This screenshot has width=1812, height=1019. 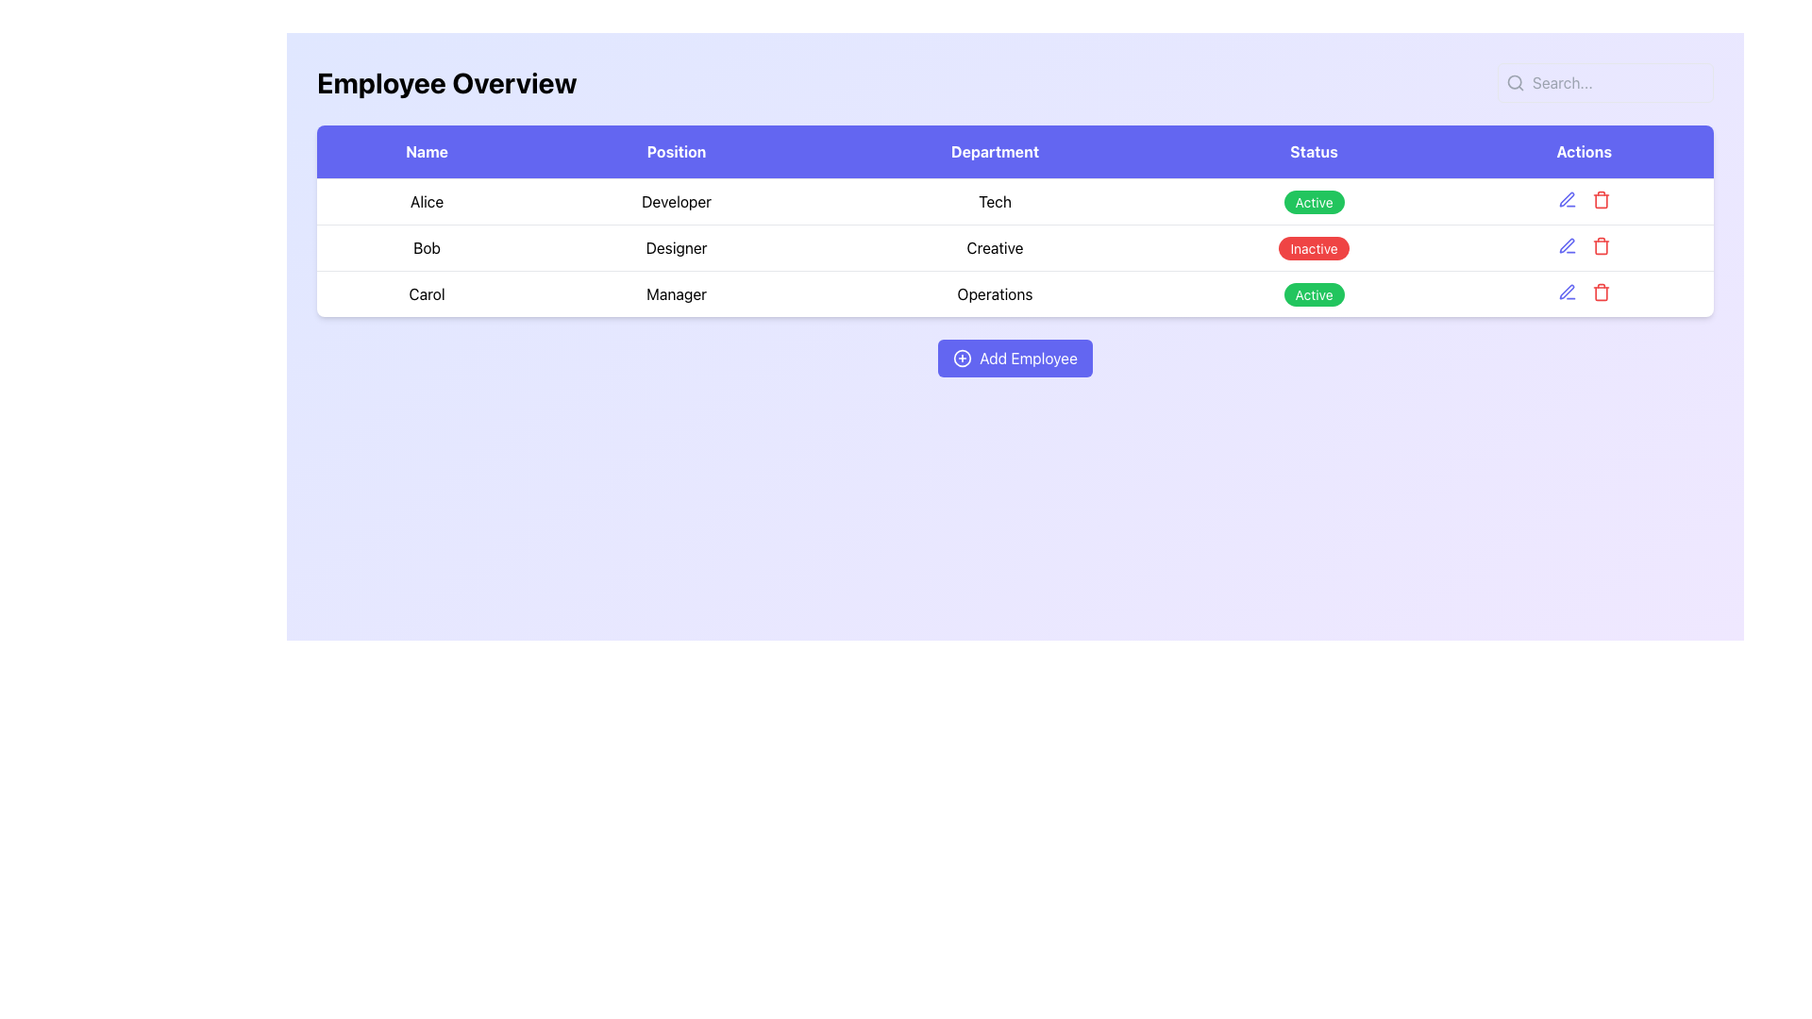 I want to click on the static list row displaying information about the employee 'Carol', which is the third row in the employee overview table, so click(x=1014, y=293).